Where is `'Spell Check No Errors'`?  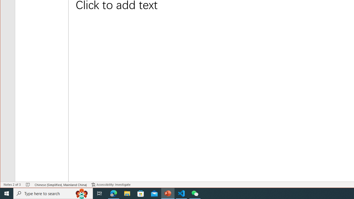 'Spell Check No Errors' is located at coordinates (28, 185).